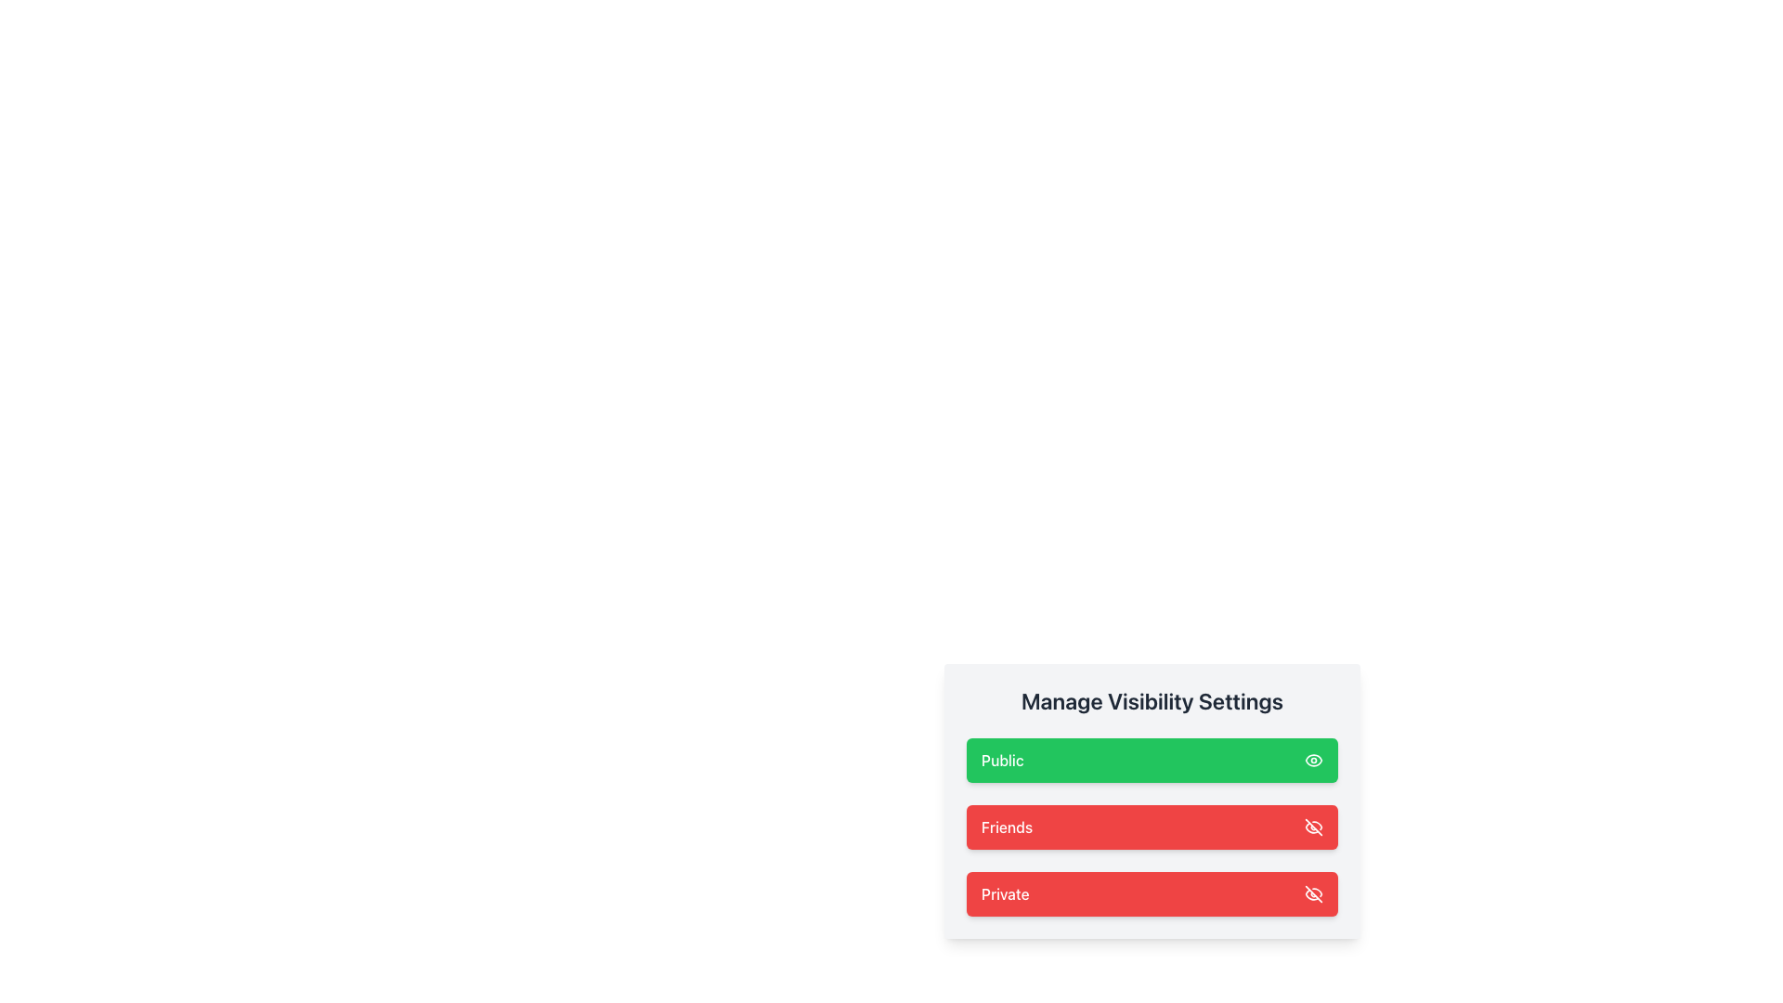  What do you see at coordinates (1152, 893) in the screenshot?
I see `the 'Private' button, which is a rectangular button with rounded edges, bright red color, and white text, located at the bottom of a vertical list of buttons in a card-like interface` at bounding box center [1152, 893].